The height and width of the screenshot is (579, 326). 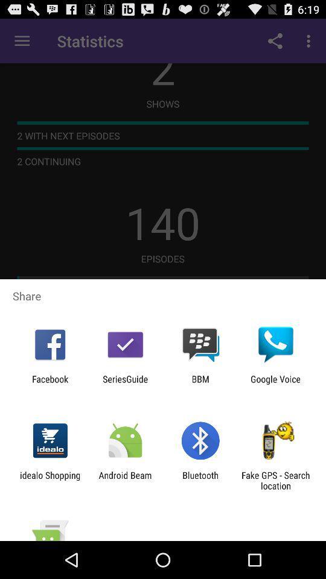 What do you see at coordinates (200, 384) in the screenshot?
I see `the item next to seriesguide app` at bounding box center [200, 384].